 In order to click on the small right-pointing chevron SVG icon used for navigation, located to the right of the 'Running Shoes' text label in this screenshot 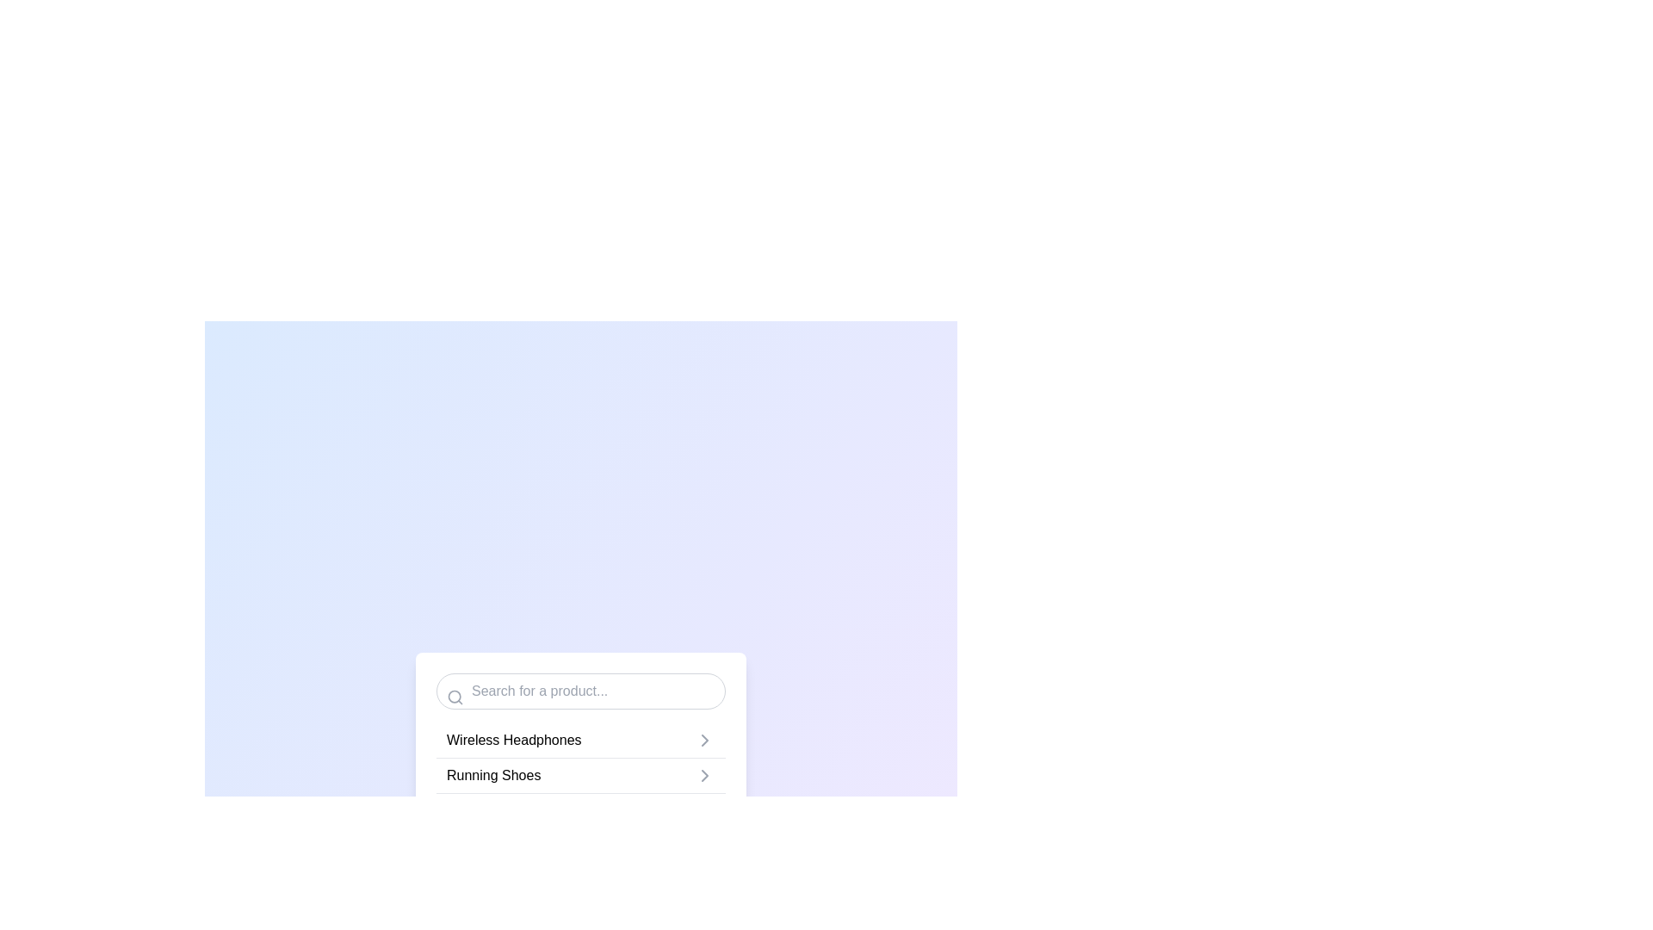, I will do `click(705, 776)`.